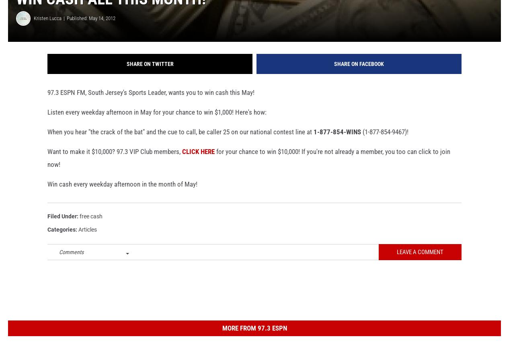 The width and height of the screenshot is (517, 343). I want to click on '(1-877-854-9467)!', so click(385, 144).